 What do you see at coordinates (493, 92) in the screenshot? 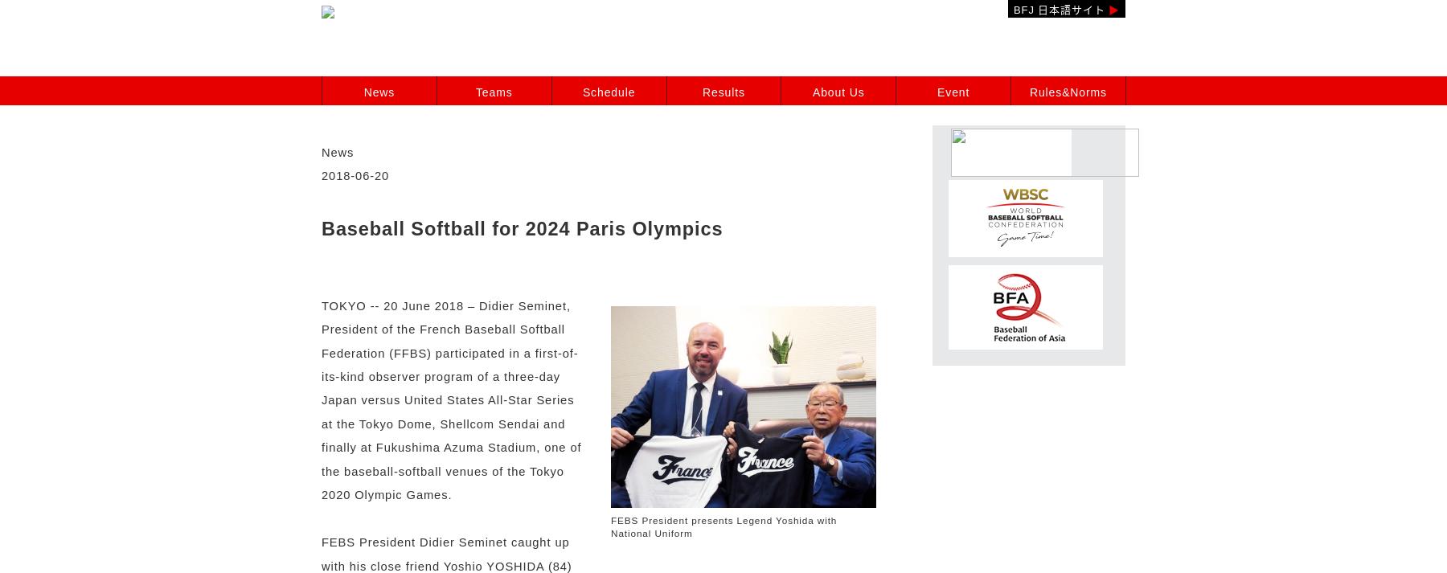
I see `'Teams'` at bounding box center [493, 92].